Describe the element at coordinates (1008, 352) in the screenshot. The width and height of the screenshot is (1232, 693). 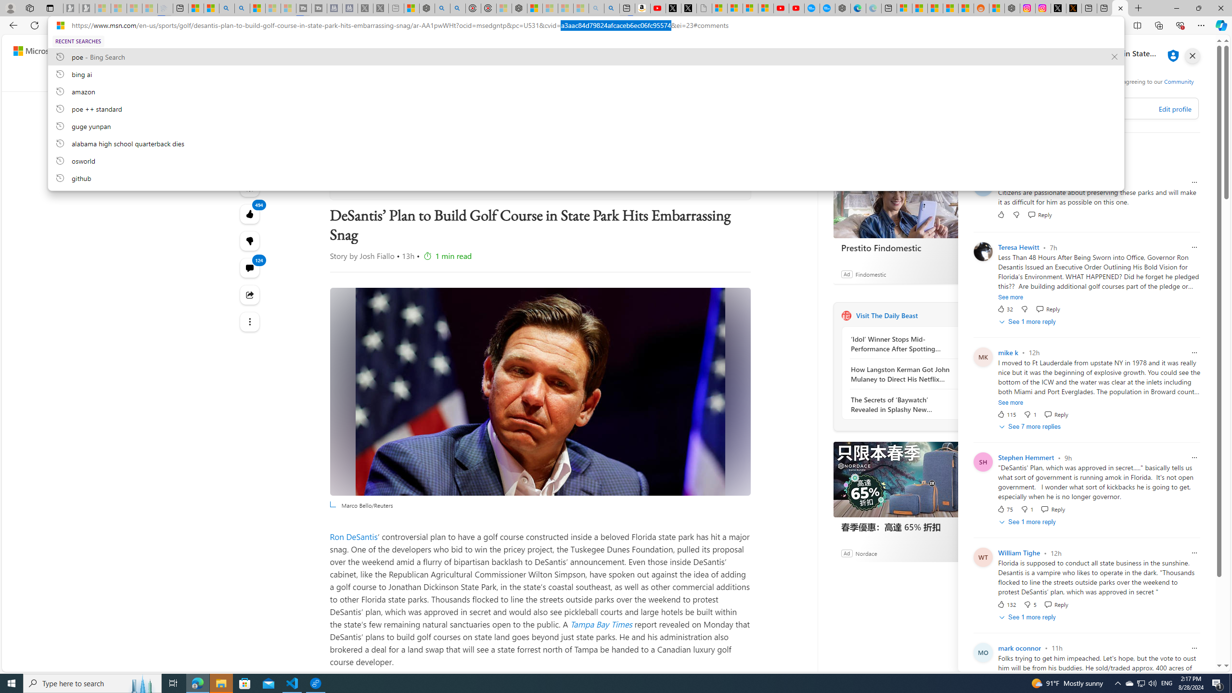
I see `'mike k'` at that location.